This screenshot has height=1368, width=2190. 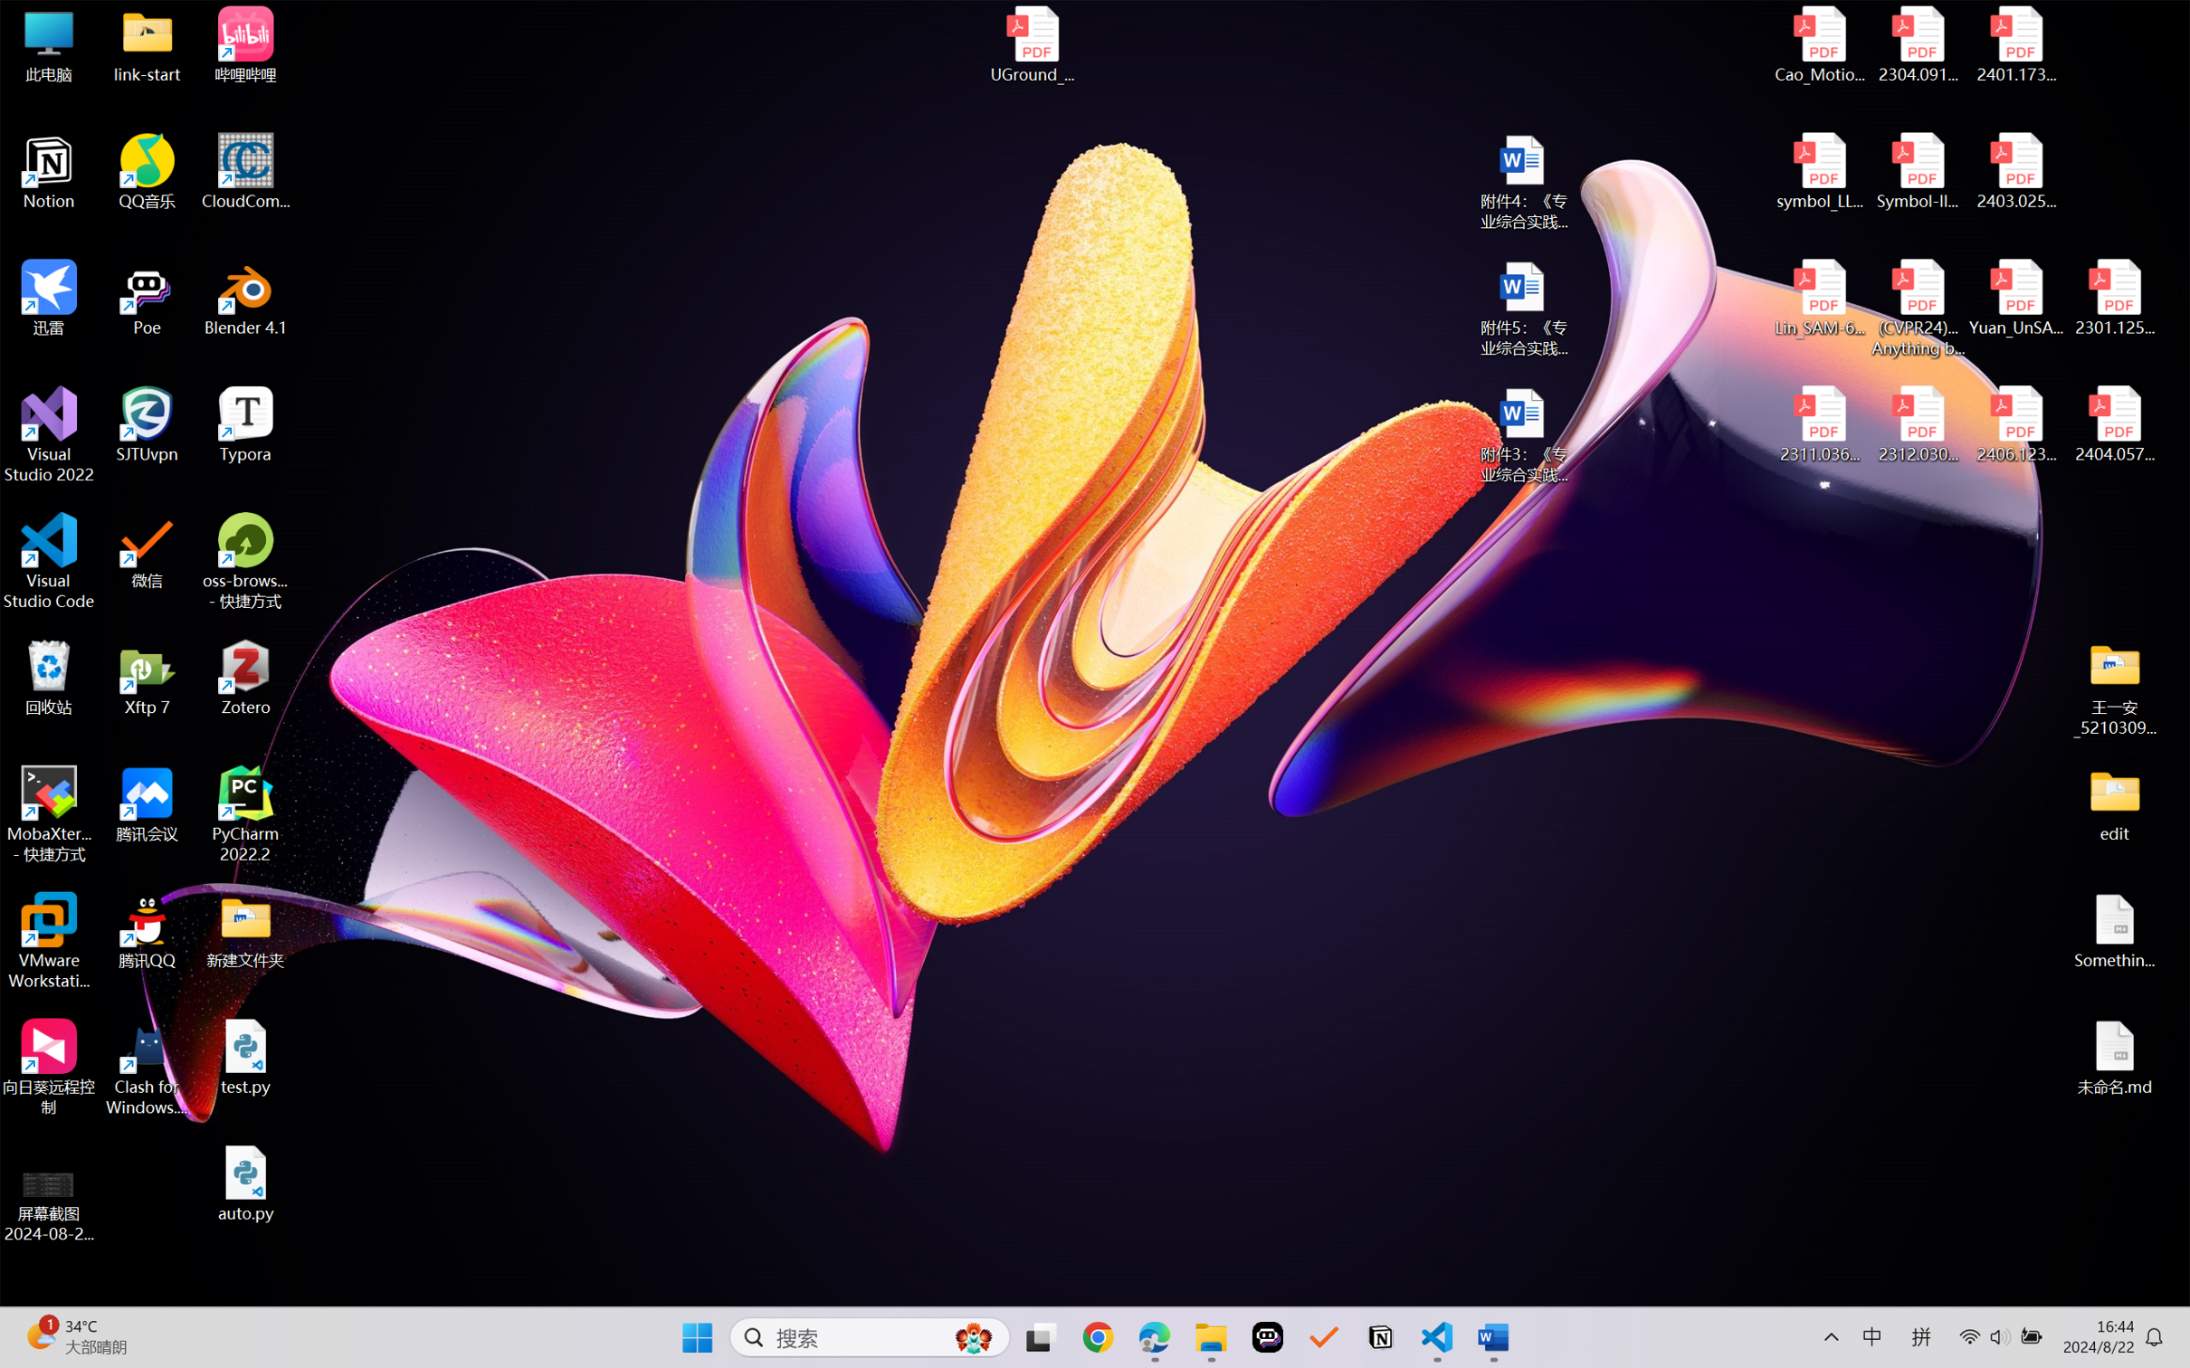 I want to click on '2401.17399v1.pdf', so click(x=2014, y=44).